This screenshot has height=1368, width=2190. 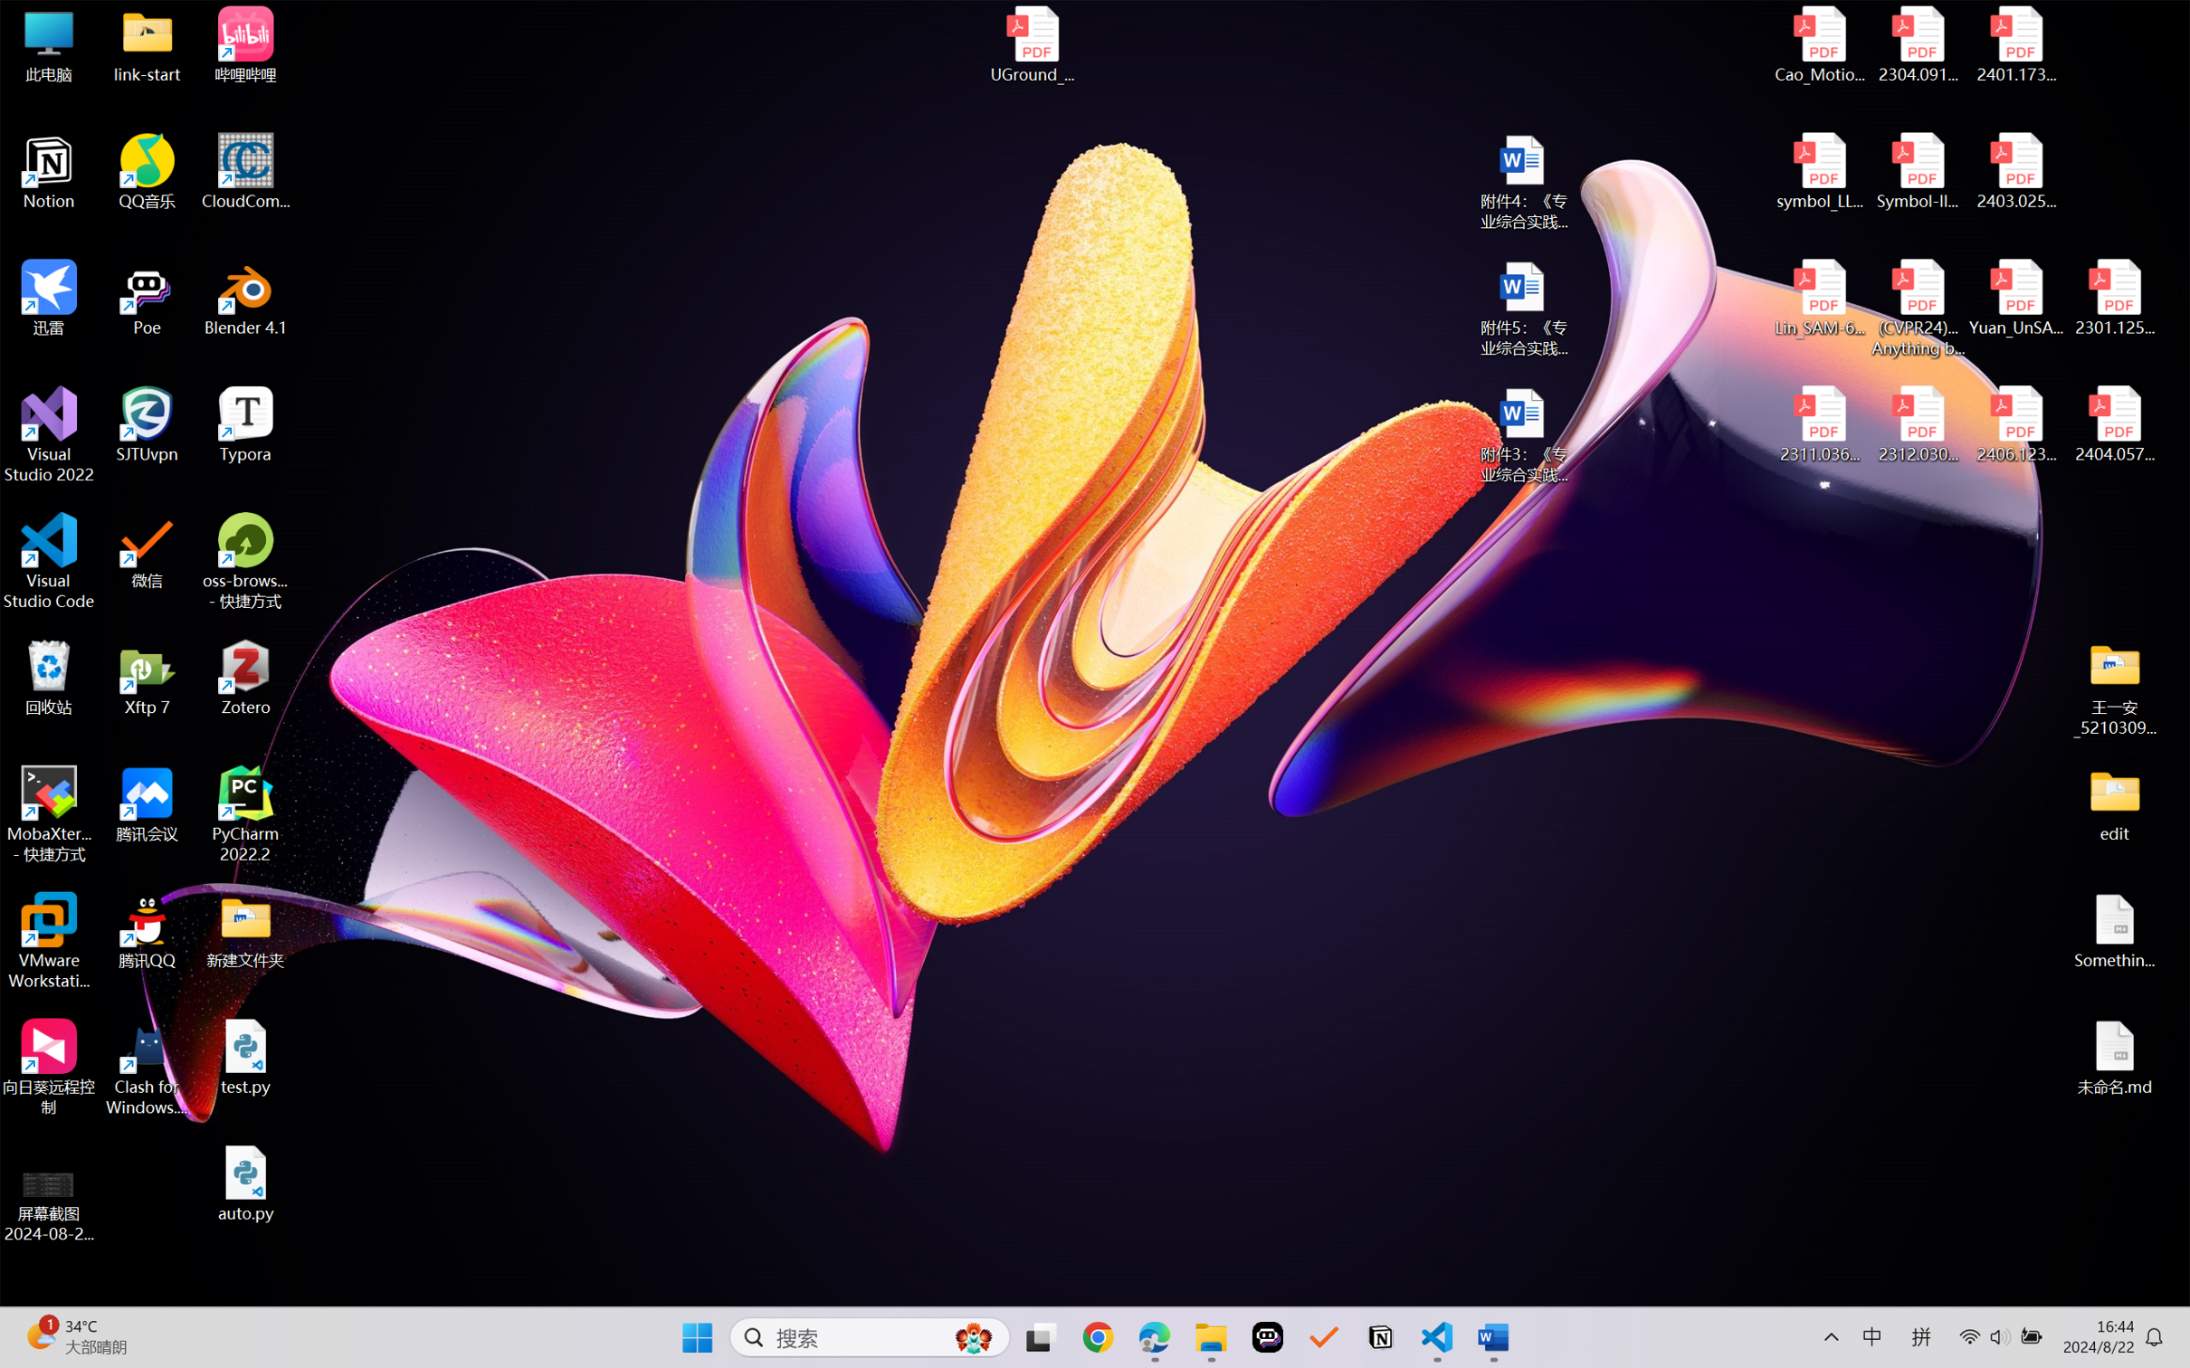 I want to click on '2401.17399v1.pdf', so click(x=2014, y=44).